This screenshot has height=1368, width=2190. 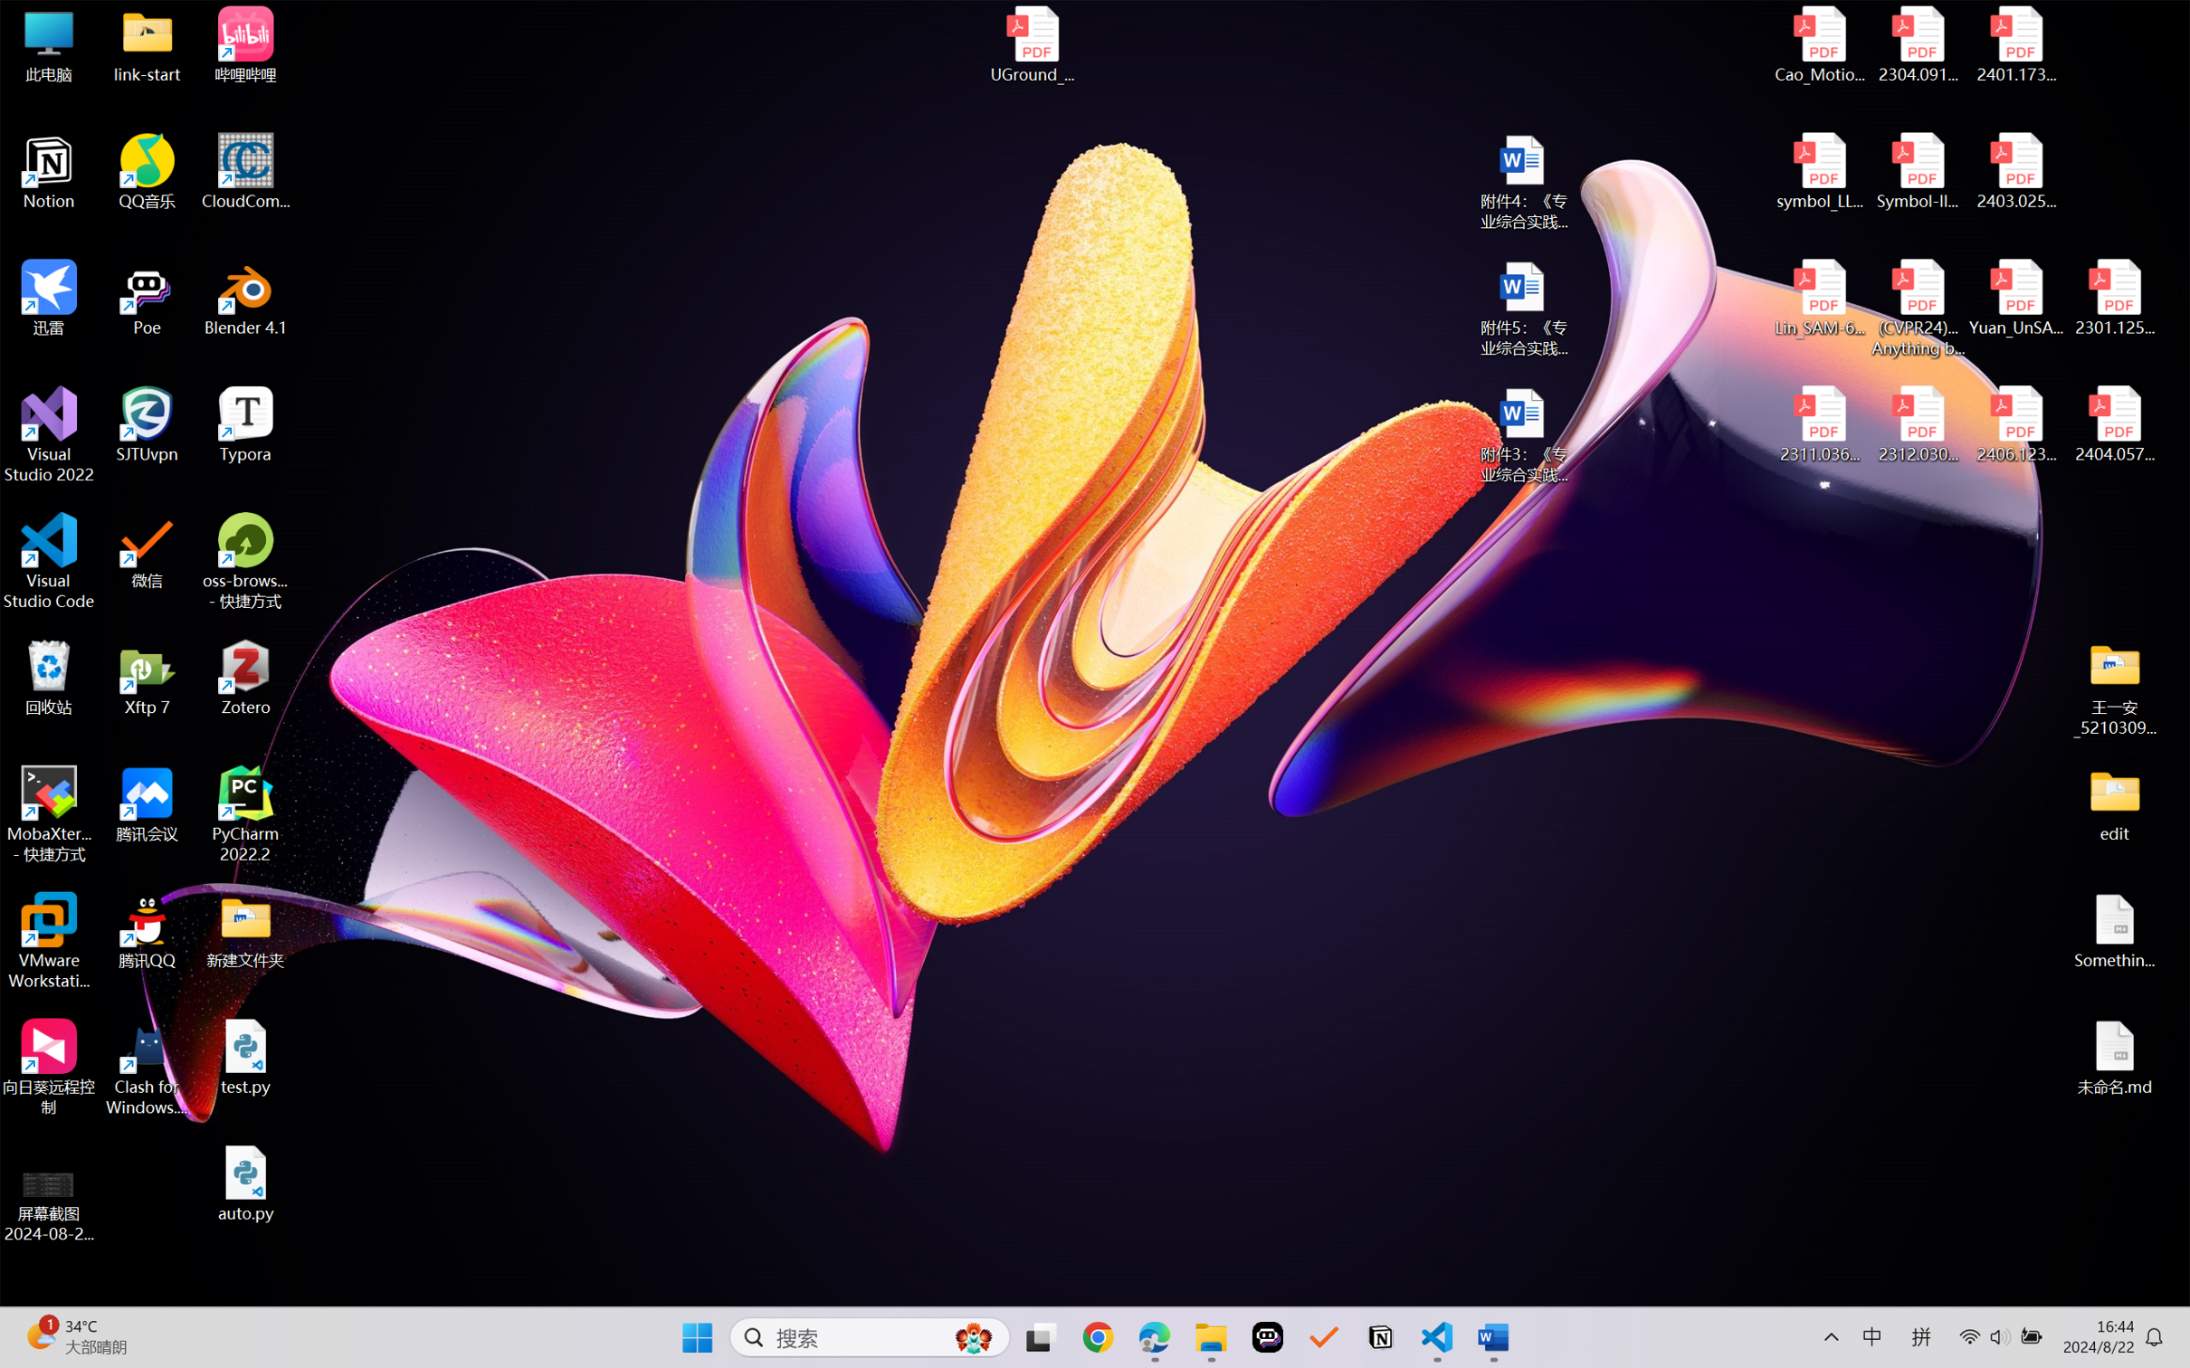 I want to click on '2401.17399v1.pdf', so click(x=2014, y=44).